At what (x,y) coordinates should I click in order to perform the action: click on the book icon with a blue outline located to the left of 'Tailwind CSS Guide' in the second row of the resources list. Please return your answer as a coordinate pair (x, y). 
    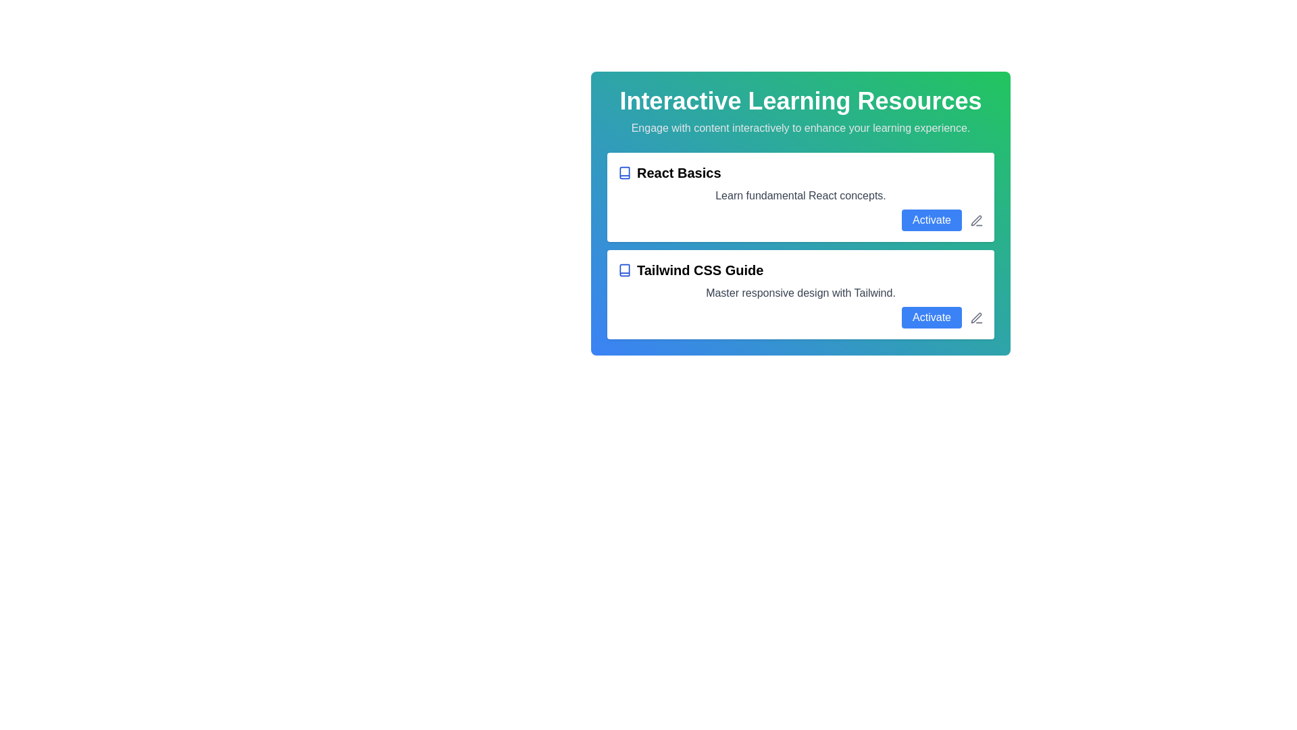
    Looking at the image, I should click on (624, 270).